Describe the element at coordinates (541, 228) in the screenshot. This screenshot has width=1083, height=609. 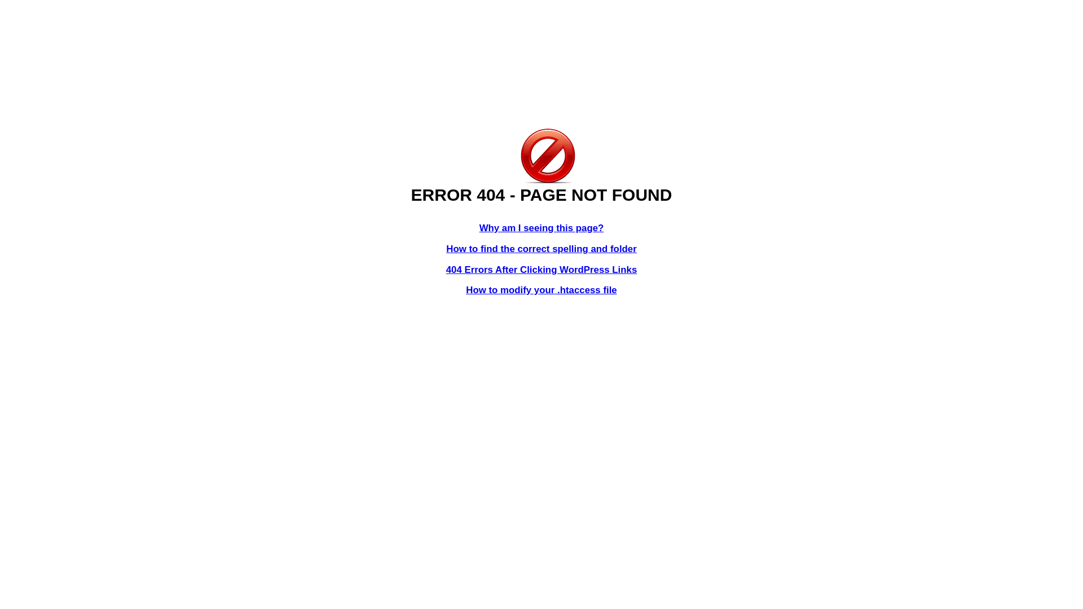
I see `'Why am I seeing this page?'` at that location.